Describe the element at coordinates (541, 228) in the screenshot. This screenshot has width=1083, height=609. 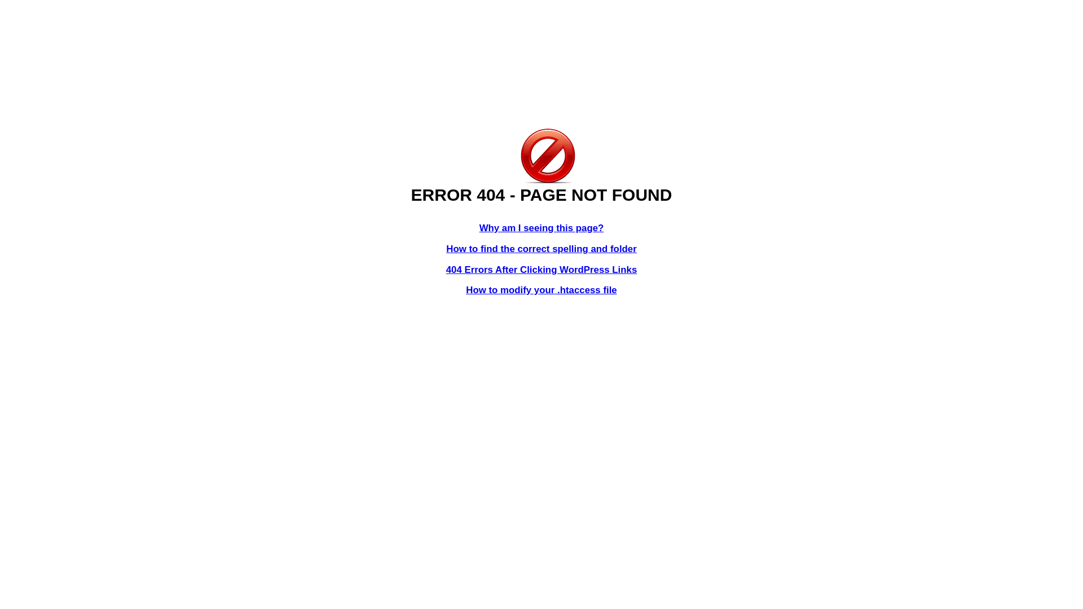
I see `'Why am I seeing this page?'` at that location.